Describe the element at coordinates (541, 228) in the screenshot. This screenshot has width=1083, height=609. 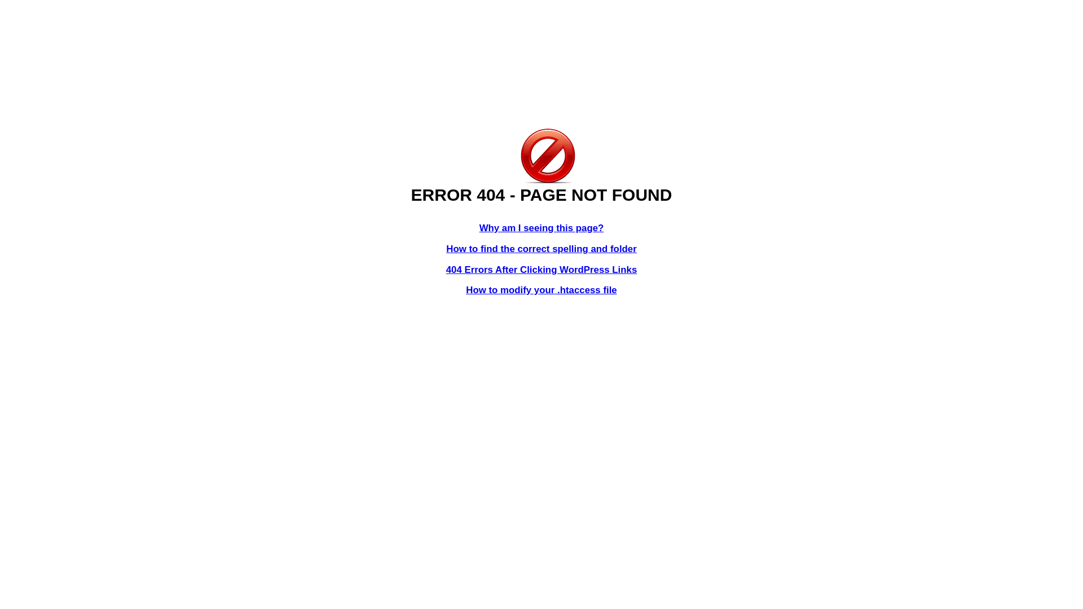
I see `'Why am I seeing this page?'` at that location.